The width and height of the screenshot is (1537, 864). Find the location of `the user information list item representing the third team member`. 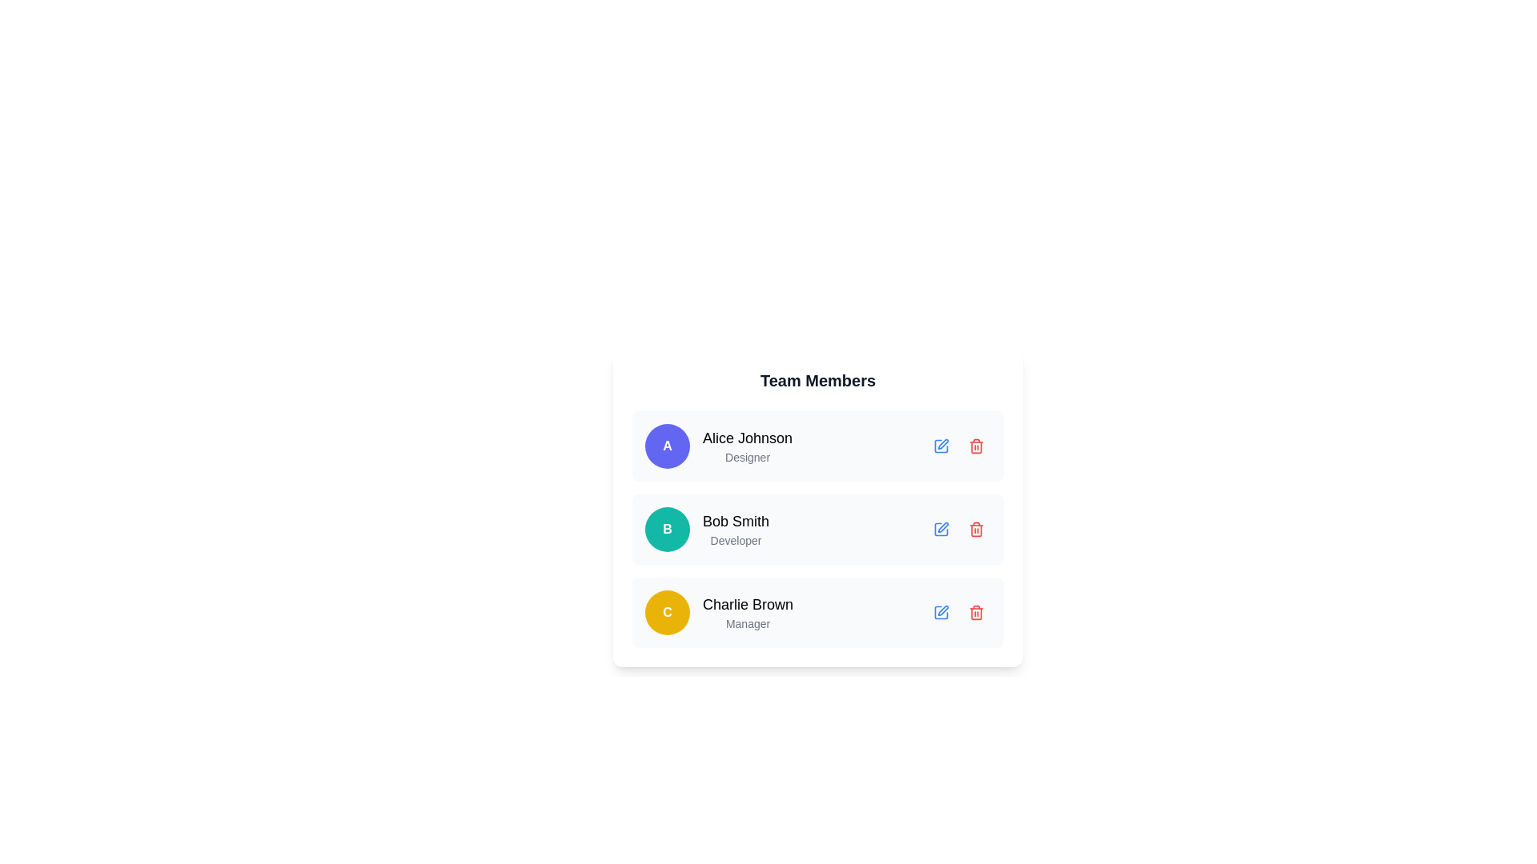

the user information list item representing the third team member is located at coordinates (718, 612).